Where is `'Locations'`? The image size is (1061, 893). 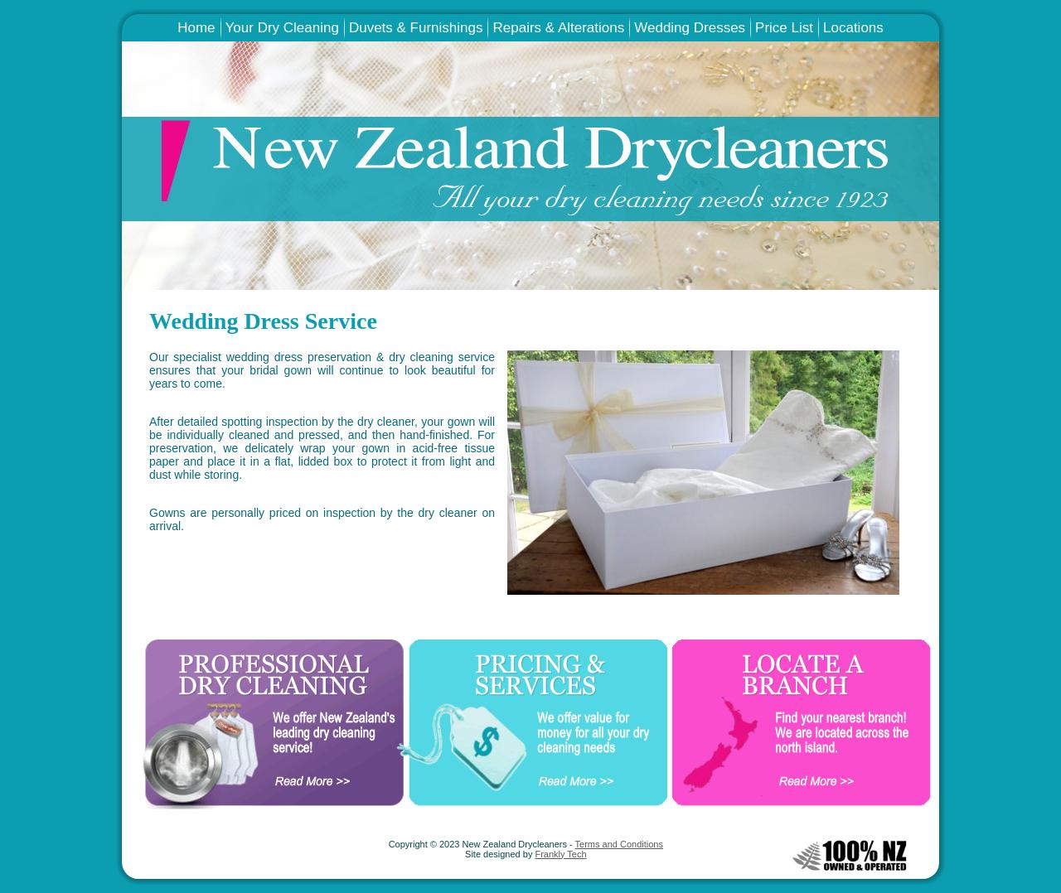
'Locations' is located at coordinates (852, 27).